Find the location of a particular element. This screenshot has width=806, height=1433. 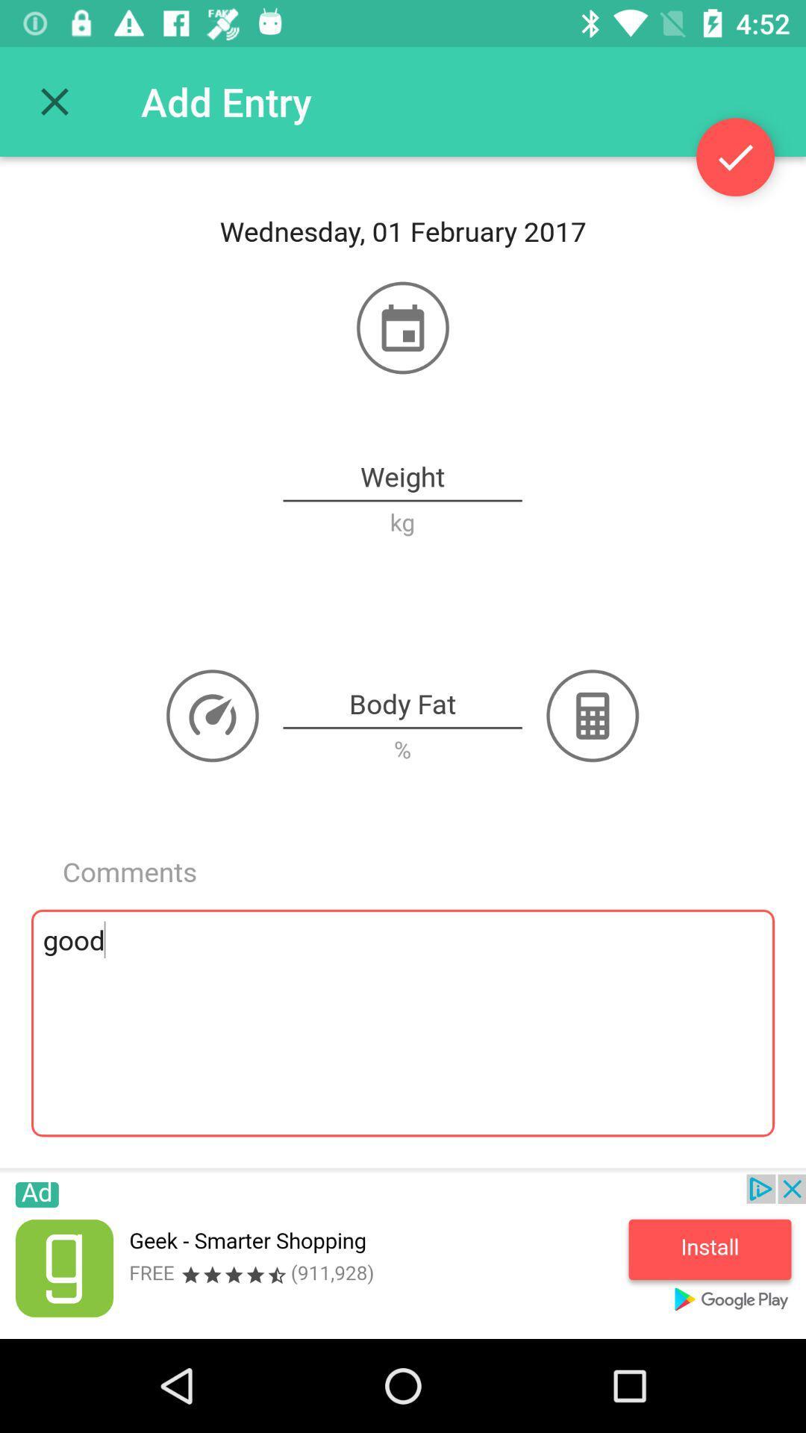

the date_range icon is located at coordinates (403, 327).